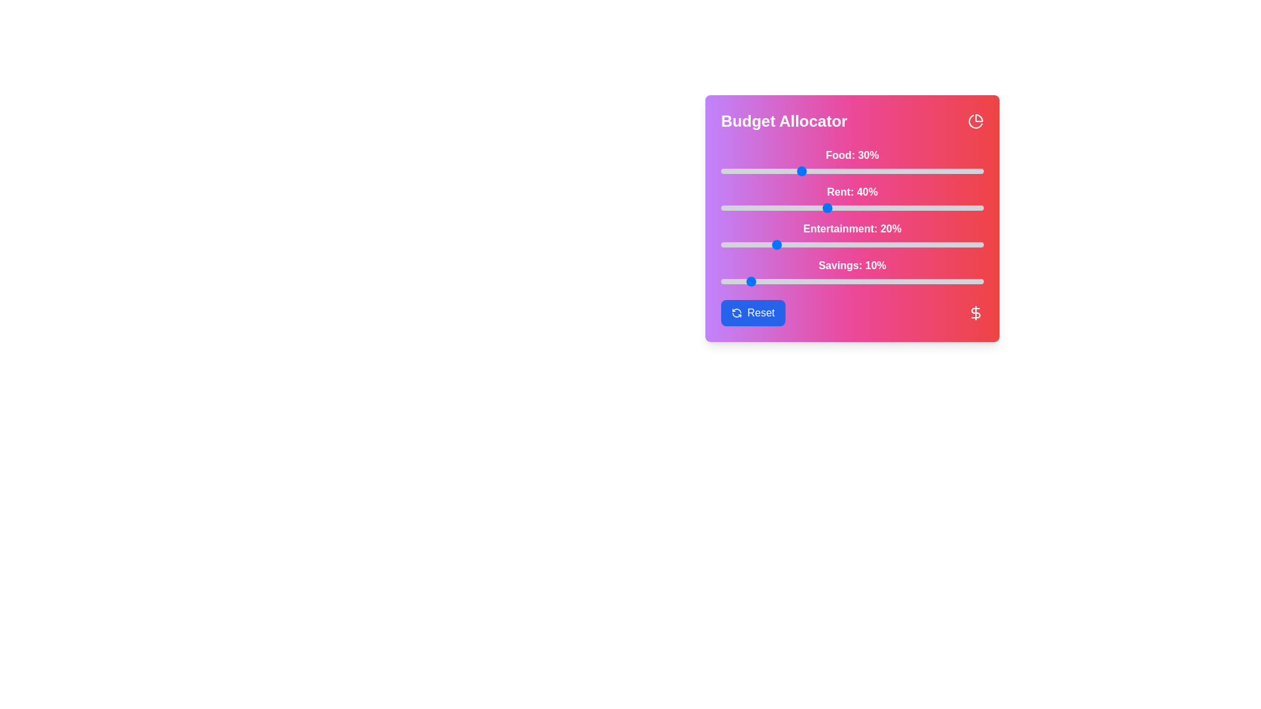 This screenshot has height=709, width=1261. Describe the element at coordinates (976, 121) in the screenshot. I see `the pie chart icon located in the top-right corner of the interface, next to the 'Budget Allocator' title` at that location.